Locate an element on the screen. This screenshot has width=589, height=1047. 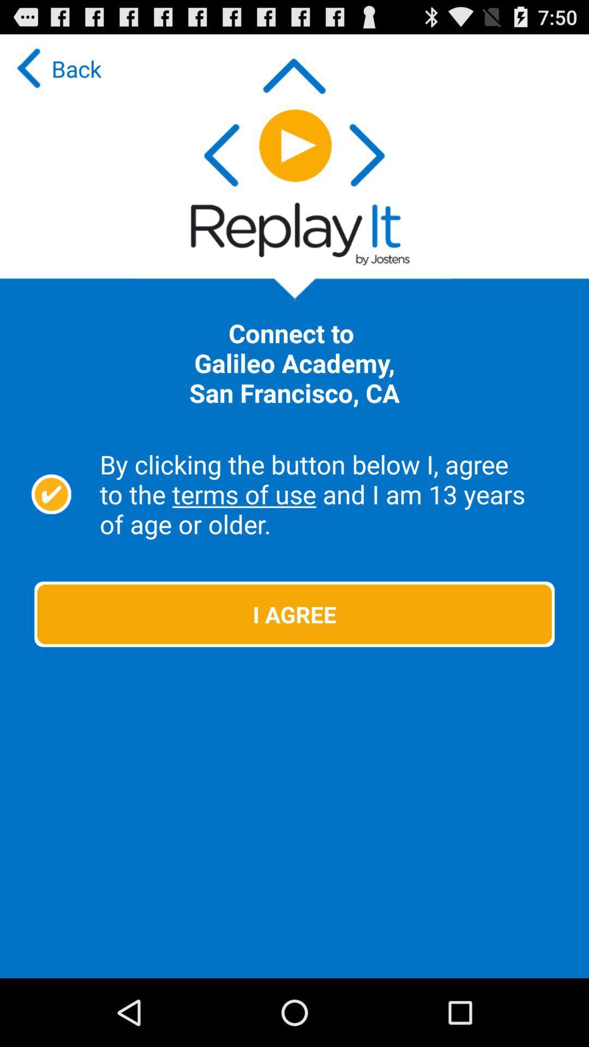
the item next to the by clicking the icon is located at coordinates (51, 494).